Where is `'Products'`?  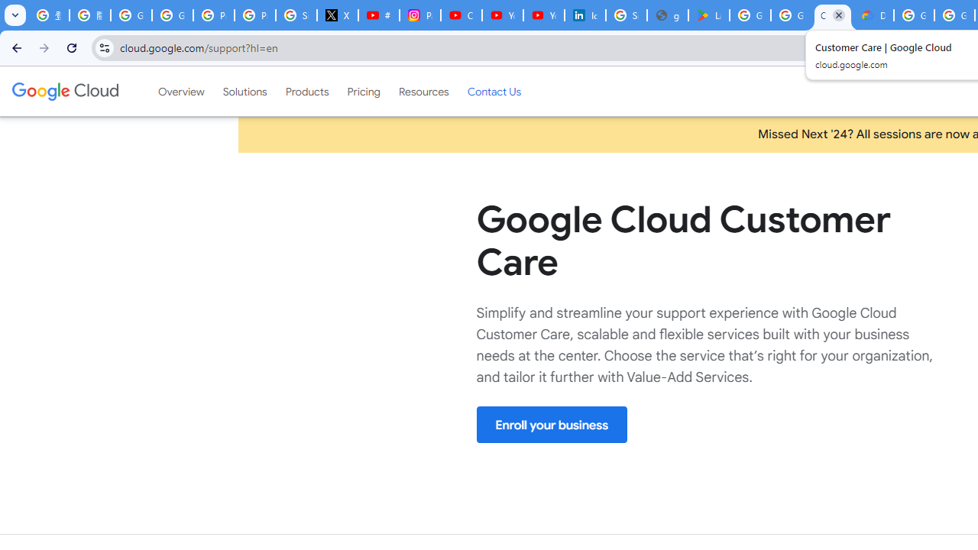 'Products' is located at coordinates (306, 91).